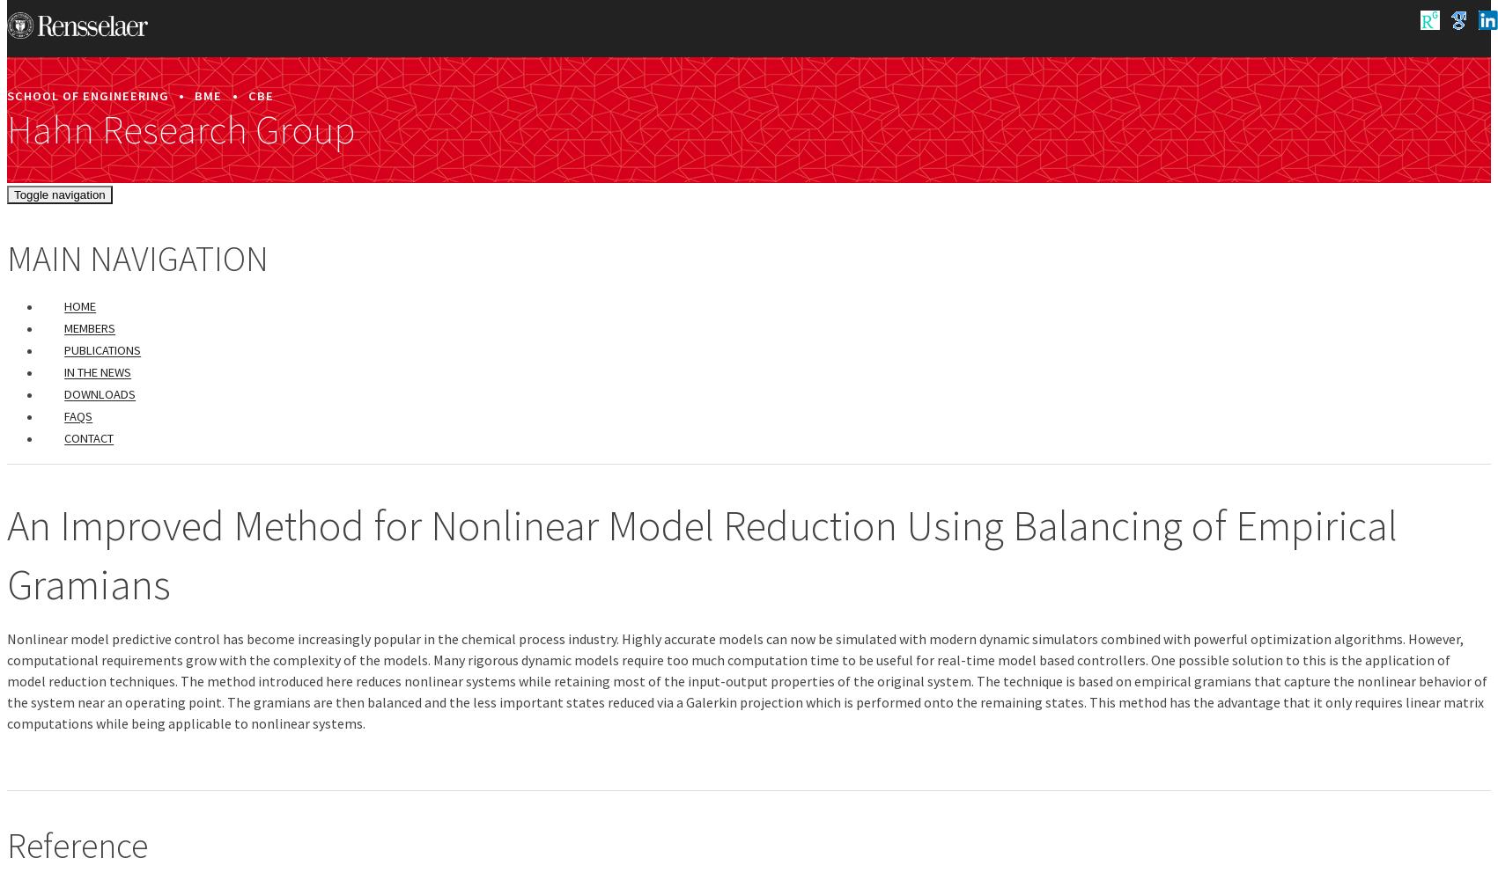 This screenshot has height=880, width=1498. Describe the element at coordinates (63, 415) in the screenshot. I see `'FAQs'` at that location.